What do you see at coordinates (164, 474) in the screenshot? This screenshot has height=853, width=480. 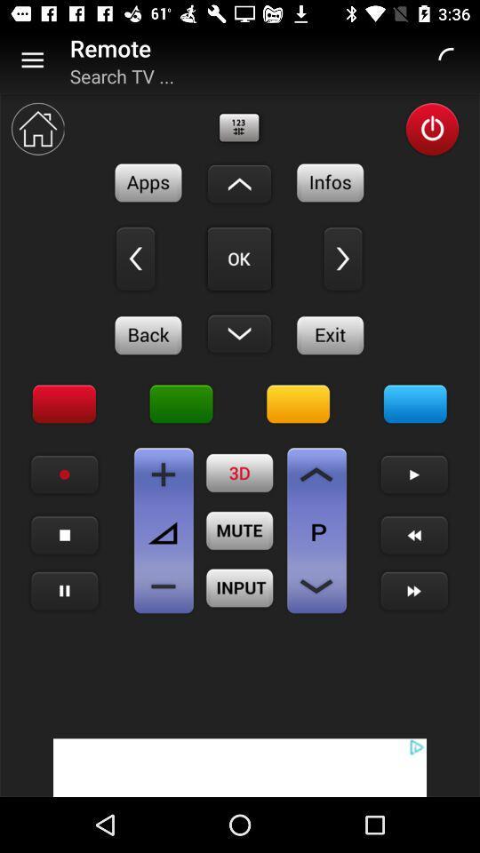 I see `increase voloume` at bounding box center [164, 474].